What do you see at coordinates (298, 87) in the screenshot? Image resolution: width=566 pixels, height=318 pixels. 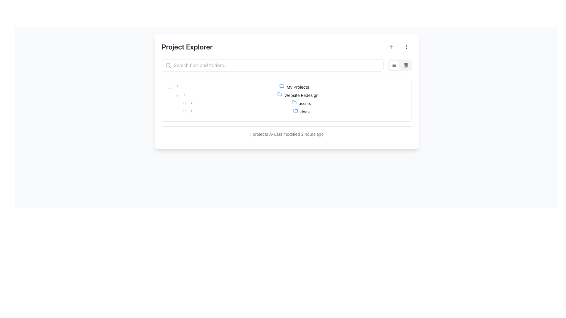 I see `the 'My Projects' text label located in the 'Project Explorer' panel, which is displayed in a standard sans-serif font and is positioned below the search bar and above other folder listings` at bounding box center [298, 87].